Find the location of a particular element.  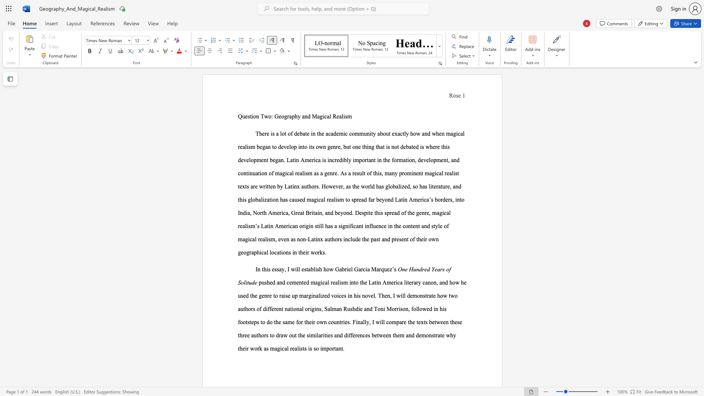

the subset text "emonstrate" within the text "demonstrate" is located at coordinates (419, 335).